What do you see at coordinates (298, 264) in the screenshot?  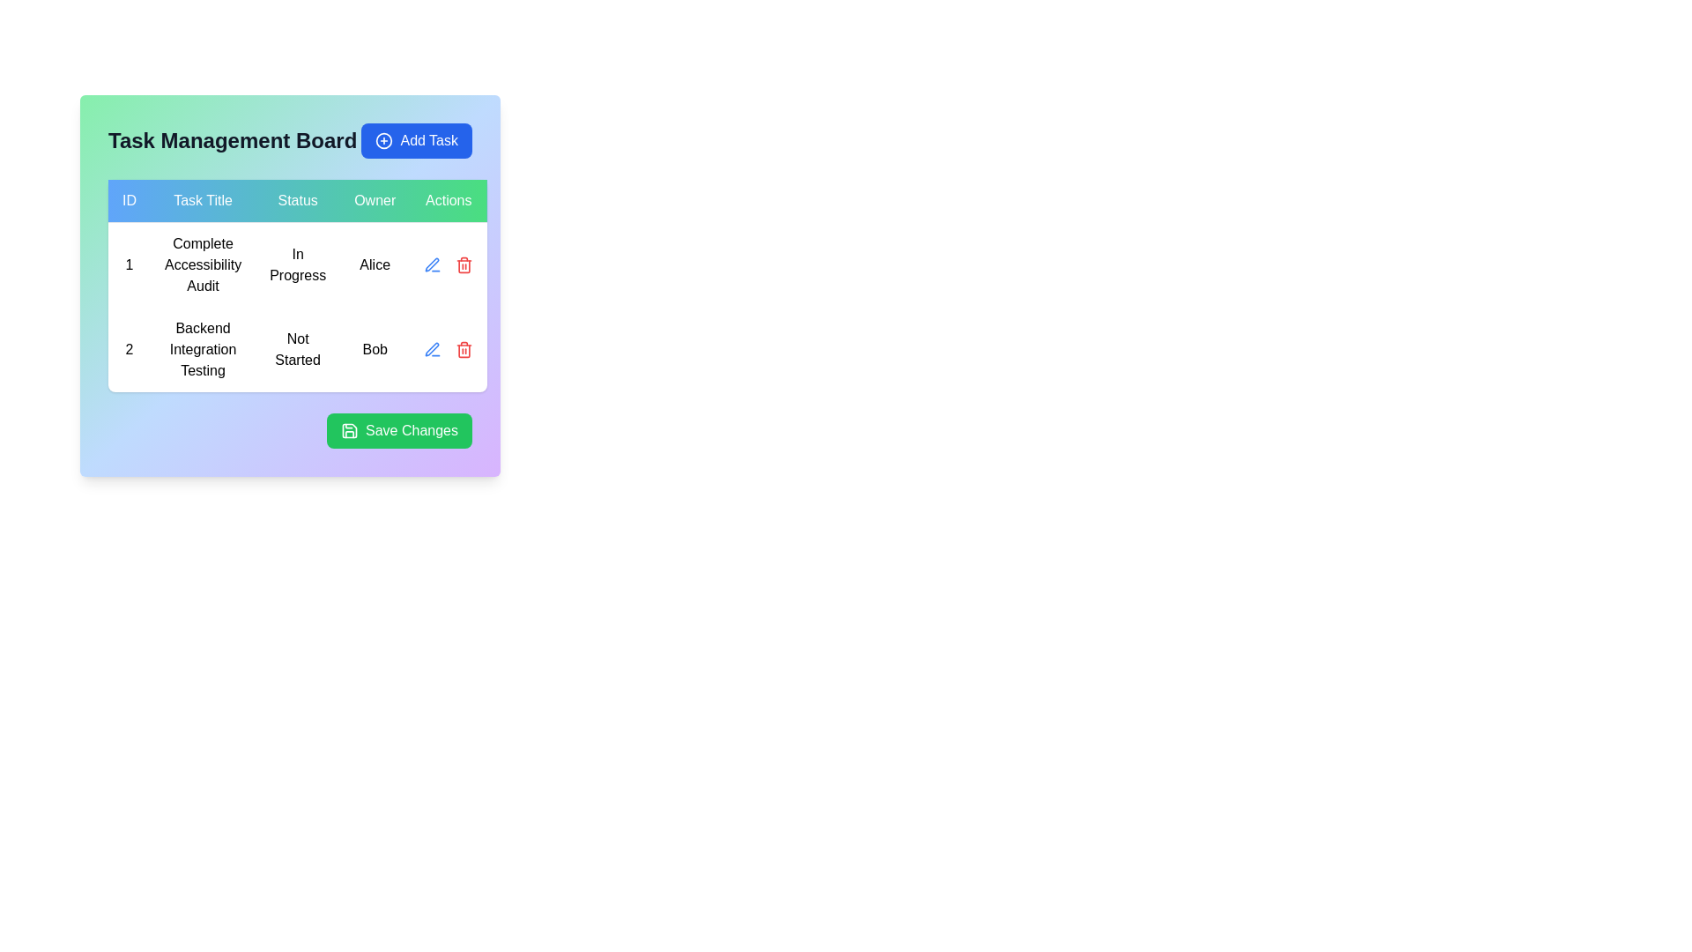 I see `the static text label displaying 'In Progress' in the 'Status' column of the task management table` at bounding box center [298, 264].